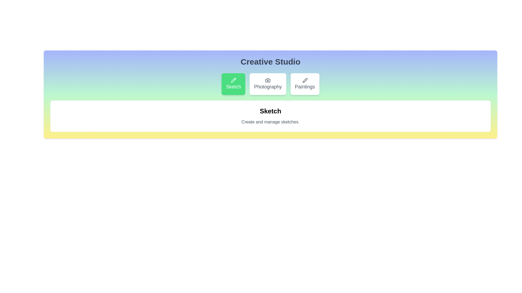 The height and width of the screenshot is (293, 522). What do you see at coordinates (268, 84) in the screenshot?
I see `the Photography button to reveal its hover effect` at bounding box center [268, 84].